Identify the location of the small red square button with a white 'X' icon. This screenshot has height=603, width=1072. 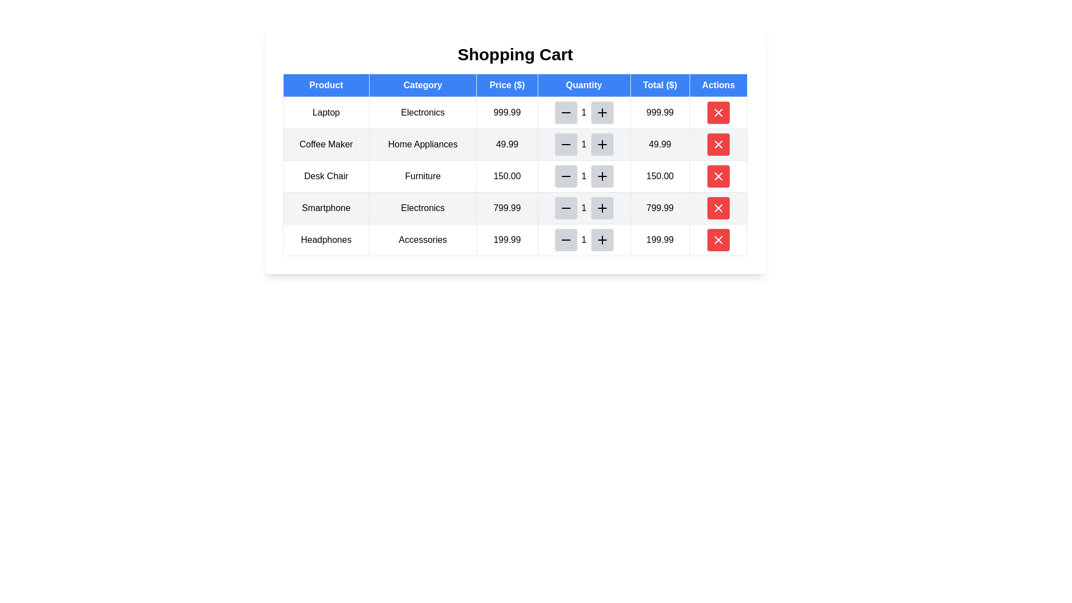
(718, 112).